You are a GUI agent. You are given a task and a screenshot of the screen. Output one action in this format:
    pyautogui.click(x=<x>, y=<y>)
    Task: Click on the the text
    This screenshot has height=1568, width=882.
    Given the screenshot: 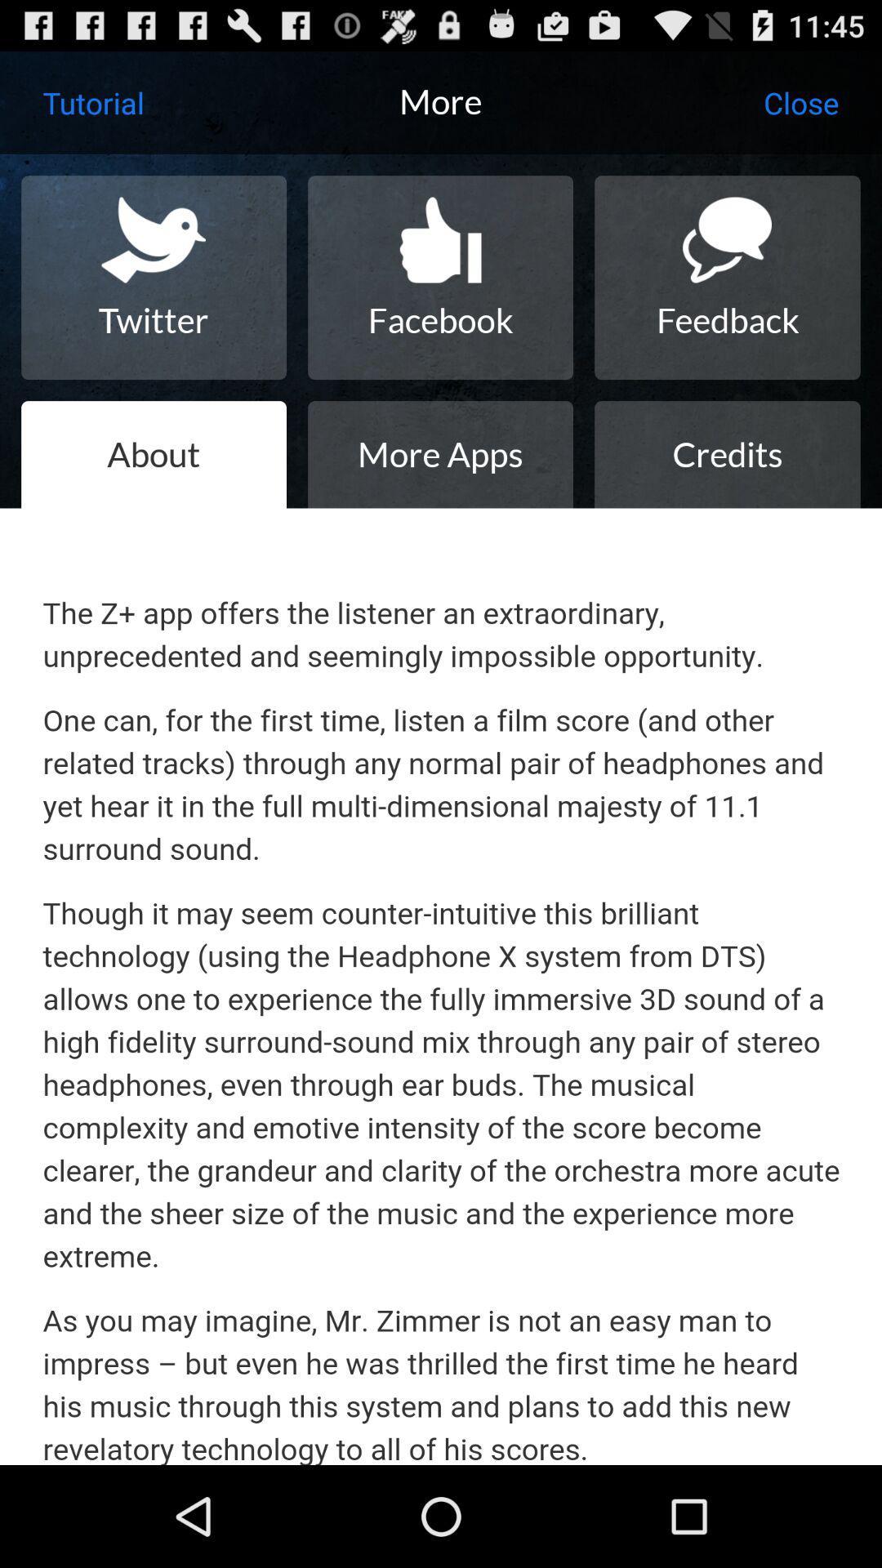 What is the action you would take?
    pyautogui.click(x=441, y=986)
    